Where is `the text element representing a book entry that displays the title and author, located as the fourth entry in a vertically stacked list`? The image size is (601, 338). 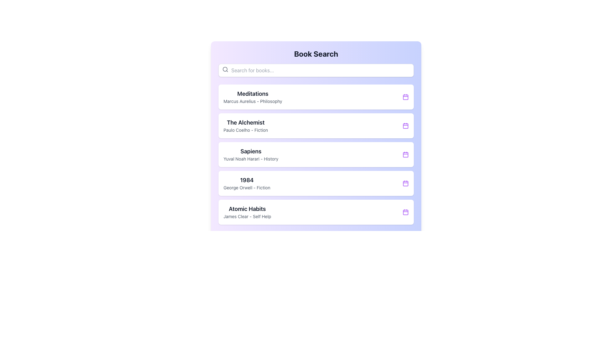
the text element representing a book entry that displays the title and author, located as the fourth entry in a vertically stacked list is located at coordinates (246, 183).